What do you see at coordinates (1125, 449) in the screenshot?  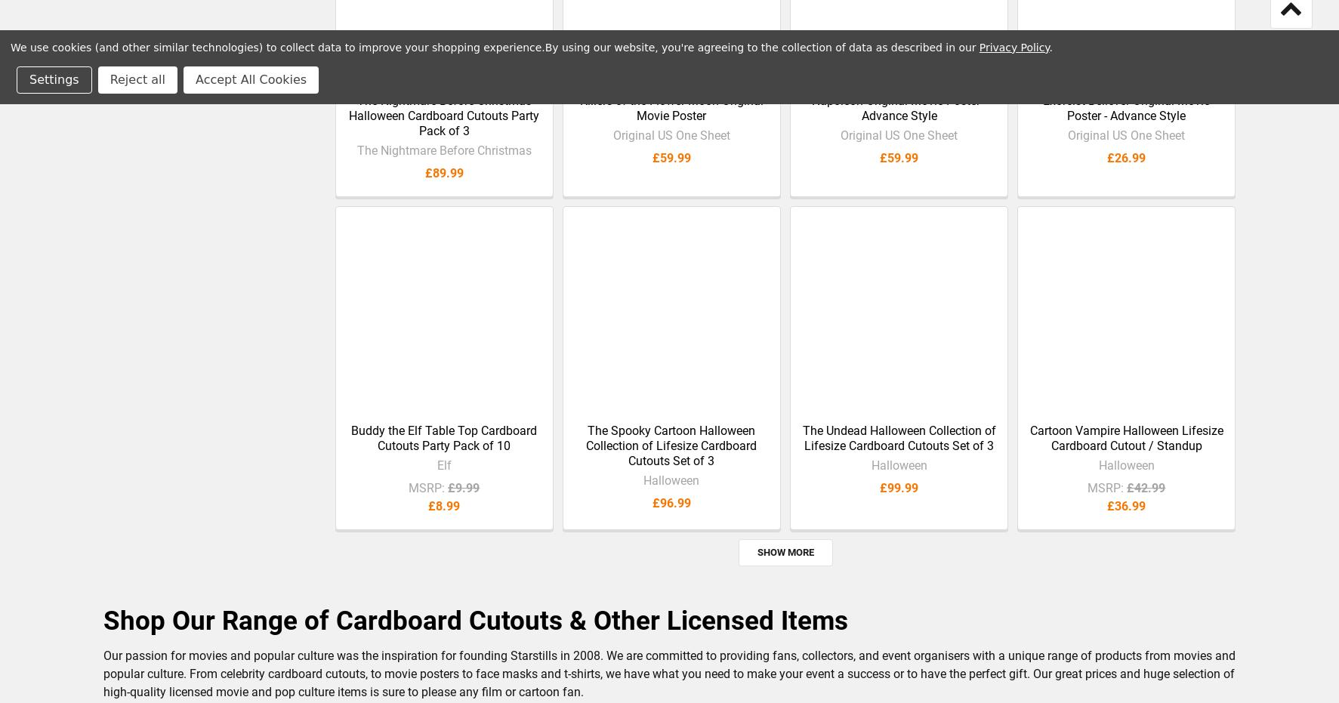 I see `'Cartoon Vampire Halloween Lifesize Cardboard Cutout / Standup'` at bounding box center [1125, 449].